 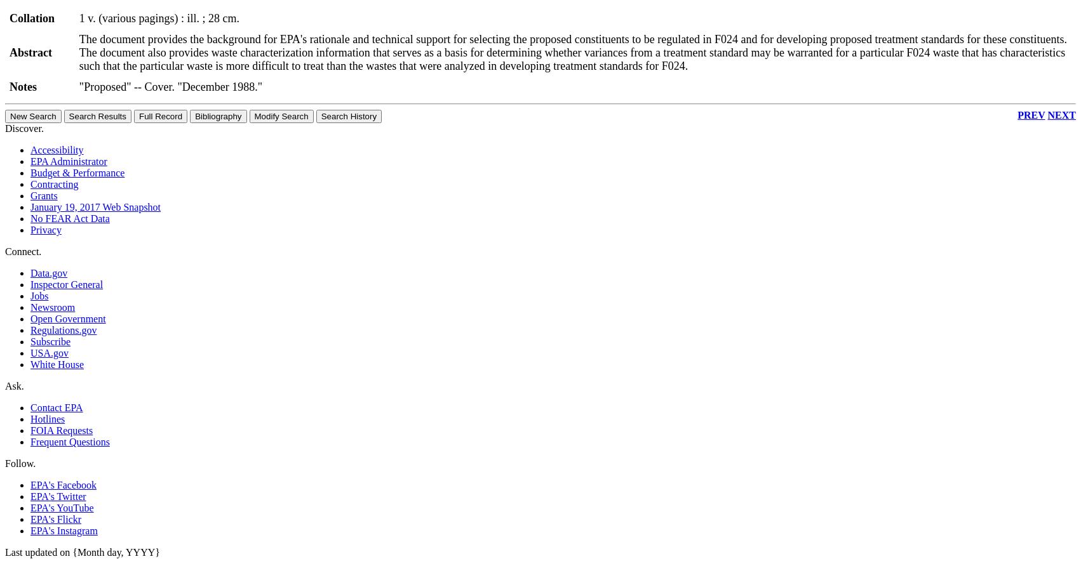 I want to click on '1 v. (various pagings) : ill. ; 28 cm.', so click(x=79, y=18).